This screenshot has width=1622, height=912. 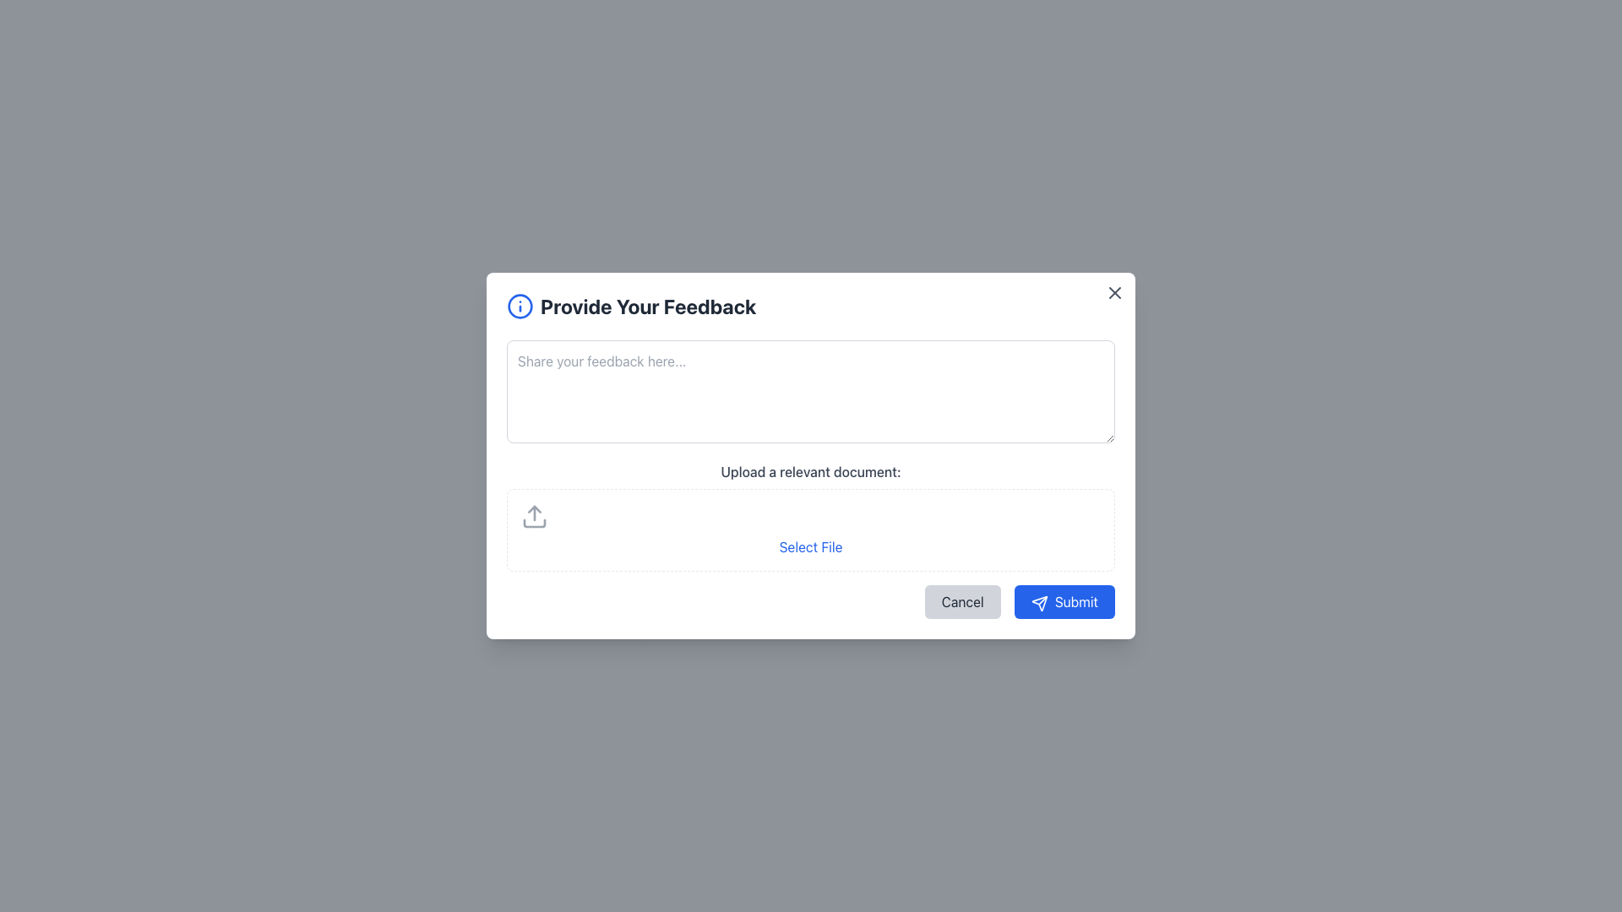 I want to click on the clickable label located in the lower part of the modal, under the 'Upload a relevant document' section, so click(x=811, y=547).